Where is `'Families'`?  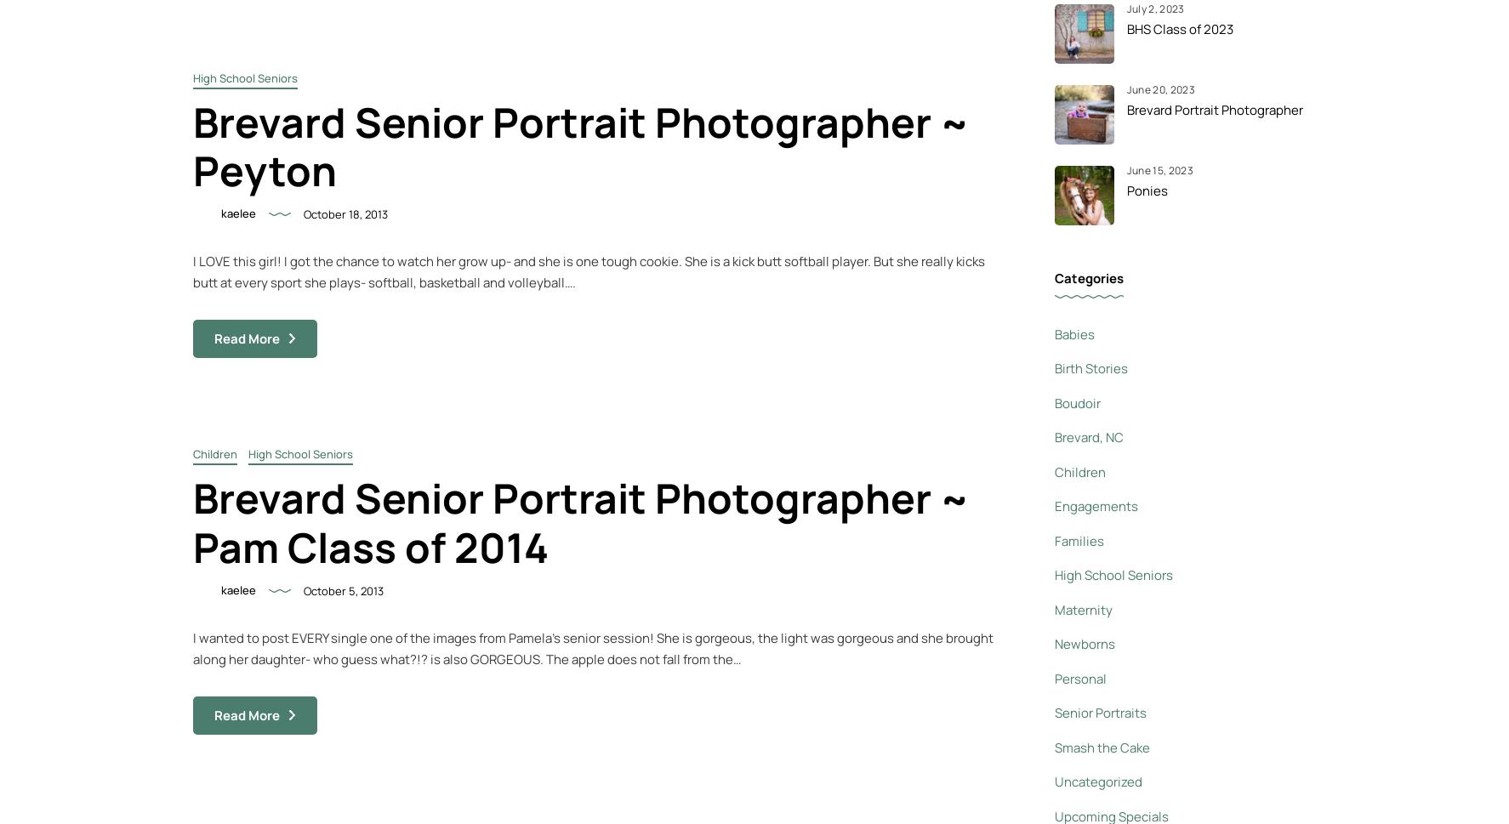 'Families' is located at coordinates (1078, 540).